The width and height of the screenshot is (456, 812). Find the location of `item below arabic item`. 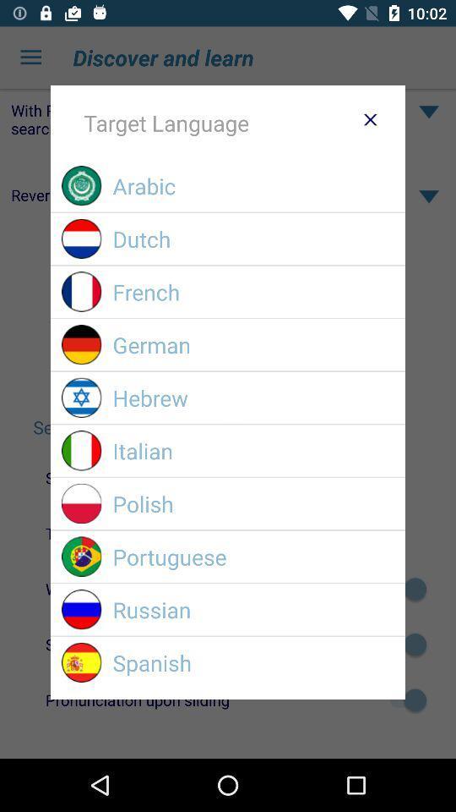

item below arabic item is located at coordinates (252, 238).